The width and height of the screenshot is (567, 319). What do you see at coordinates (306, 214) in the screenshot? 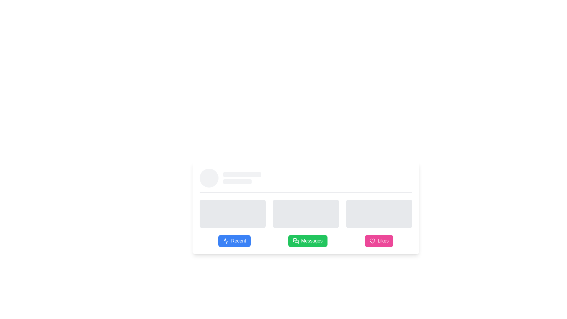
I see `the visual placeholder or loading skeleton located in the central area of the application interface, which is the middle element among three placeholders in a grid layout` at bounding box center [306, 214].